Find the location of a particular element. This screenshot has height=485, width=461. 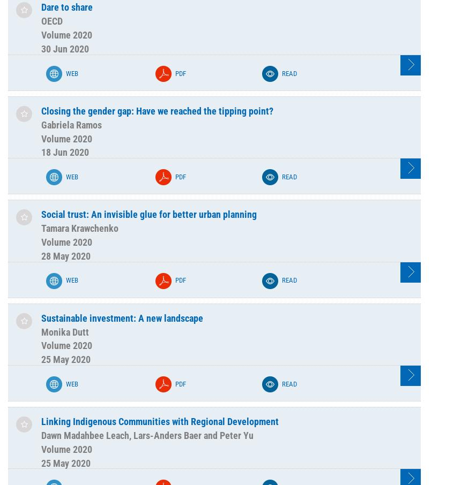

'Closing the gender gap: Have we reached the tipping point?' is located at coordinates (157, 110).